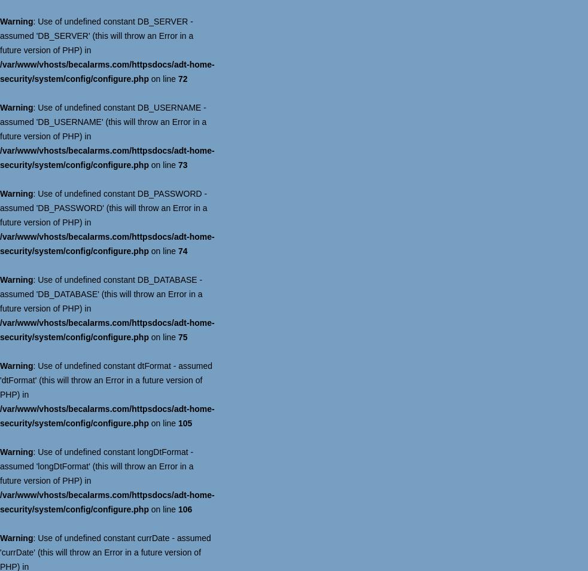 This screenshot has height=571, width=588. I want to click on '106', so click(184, 509).